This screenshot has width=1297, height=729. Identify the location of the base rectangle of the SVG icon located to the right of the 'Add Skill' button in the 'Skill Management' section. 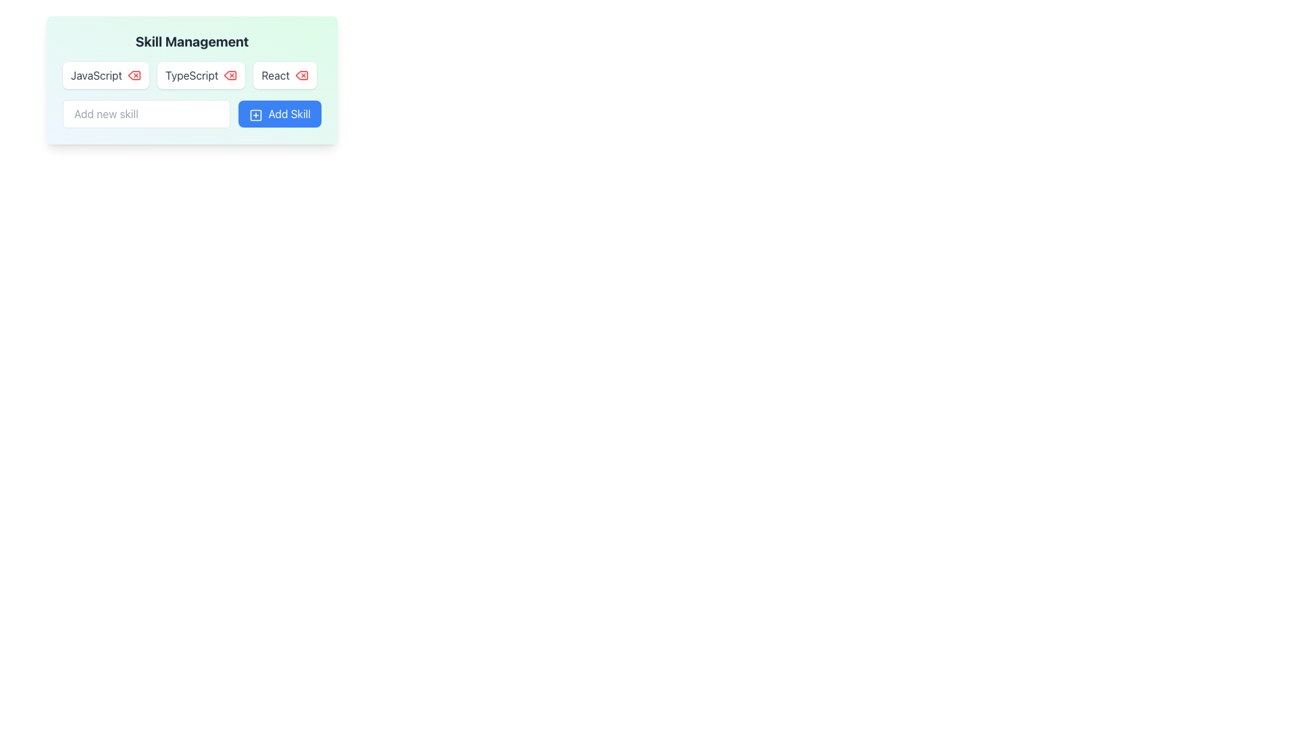
(256, 114).